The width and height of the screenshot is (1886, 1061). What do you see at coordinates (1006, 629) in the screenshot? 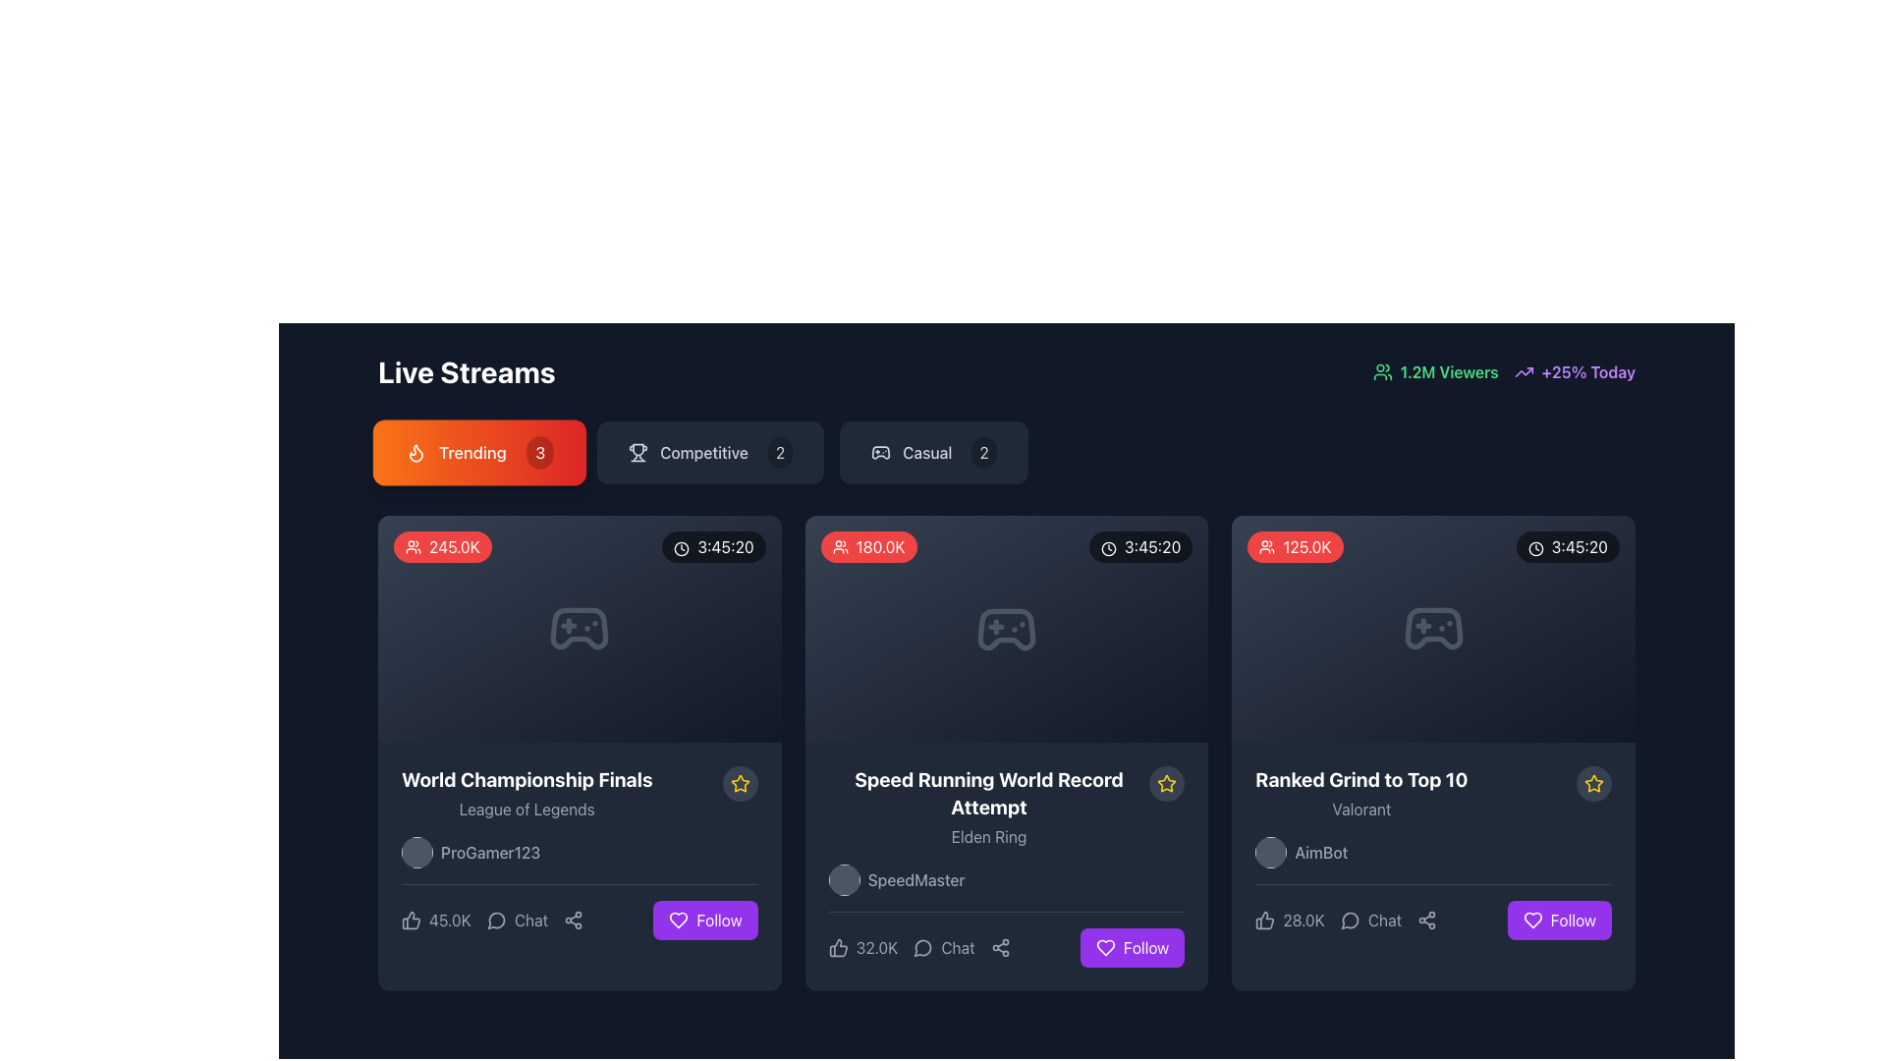
I see `the stylized game controller icon located centrally within the second card of the Live Streams section, which is positioned above the text 'Speed Running World Record Attempt'` at bounding box center [1006, 629].